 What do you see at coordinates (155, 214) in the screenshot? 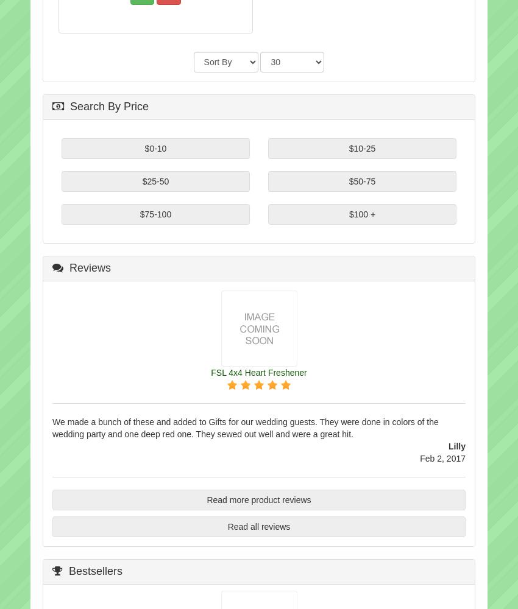
I see `'$75-100'` at bounding box center [155, 214].